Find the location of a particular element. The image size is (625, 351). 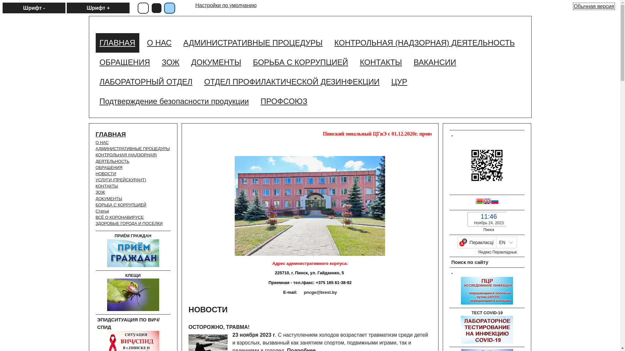

'pncge@brest.by' is located at coordinates (317, 292).